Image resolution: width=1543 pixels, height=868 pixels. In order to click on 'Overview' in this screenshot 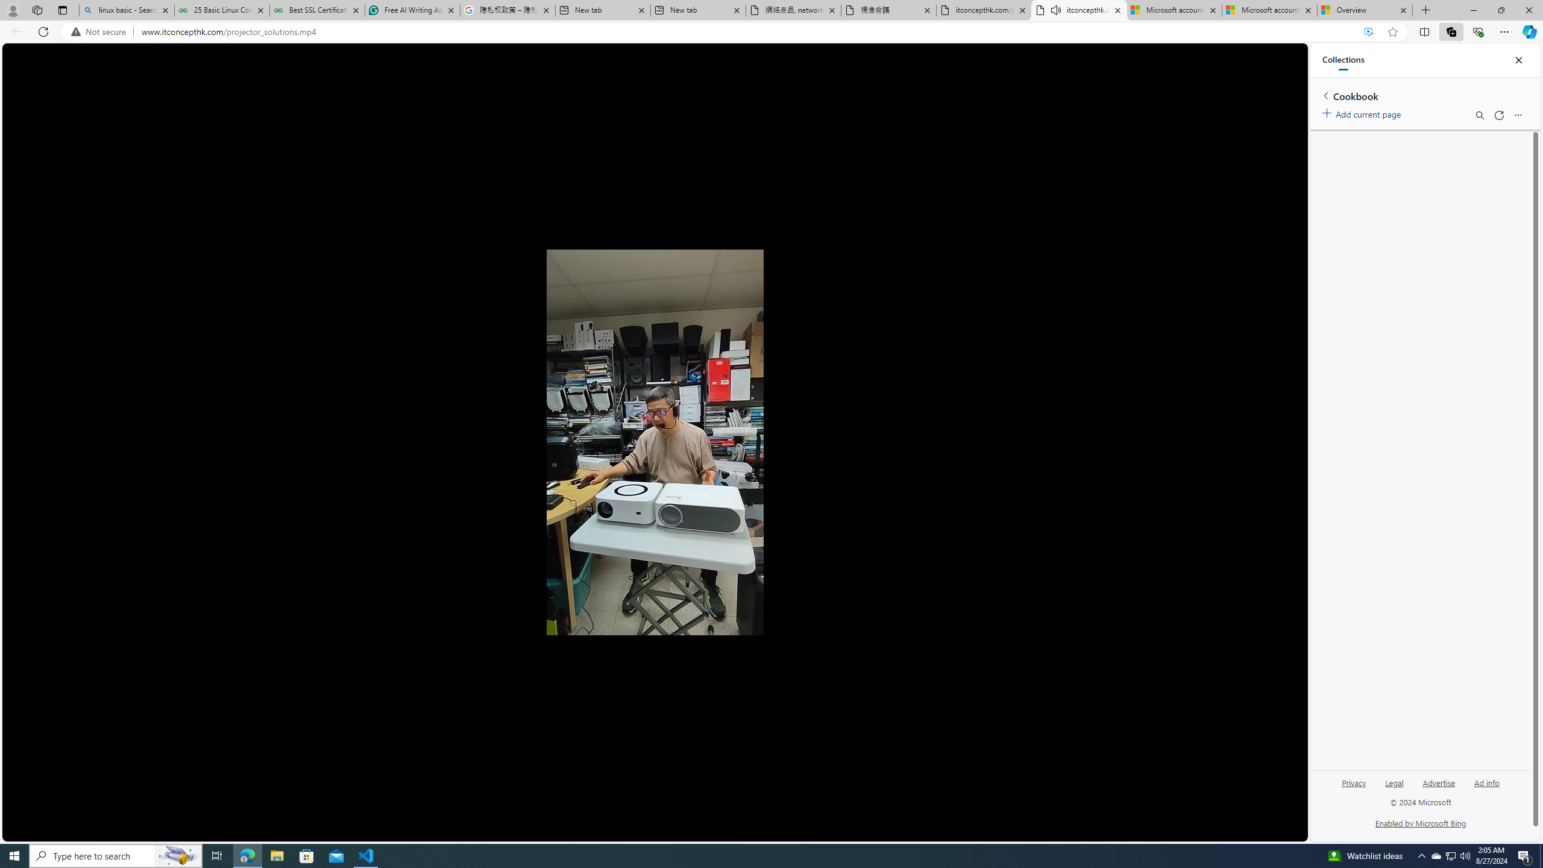, I will do `click(1364, 10)`.